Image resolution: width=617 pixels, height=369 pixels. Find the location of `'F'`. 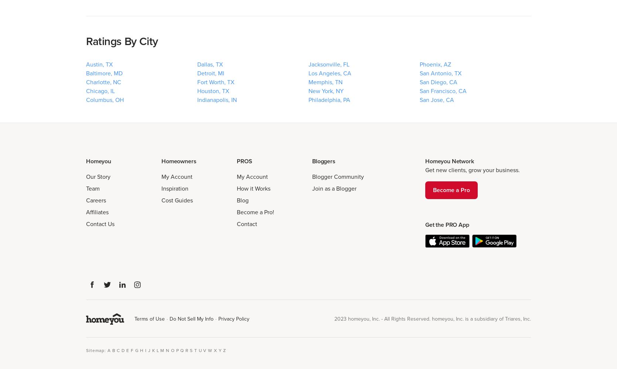

'F' is located at coordinates (132, 349).